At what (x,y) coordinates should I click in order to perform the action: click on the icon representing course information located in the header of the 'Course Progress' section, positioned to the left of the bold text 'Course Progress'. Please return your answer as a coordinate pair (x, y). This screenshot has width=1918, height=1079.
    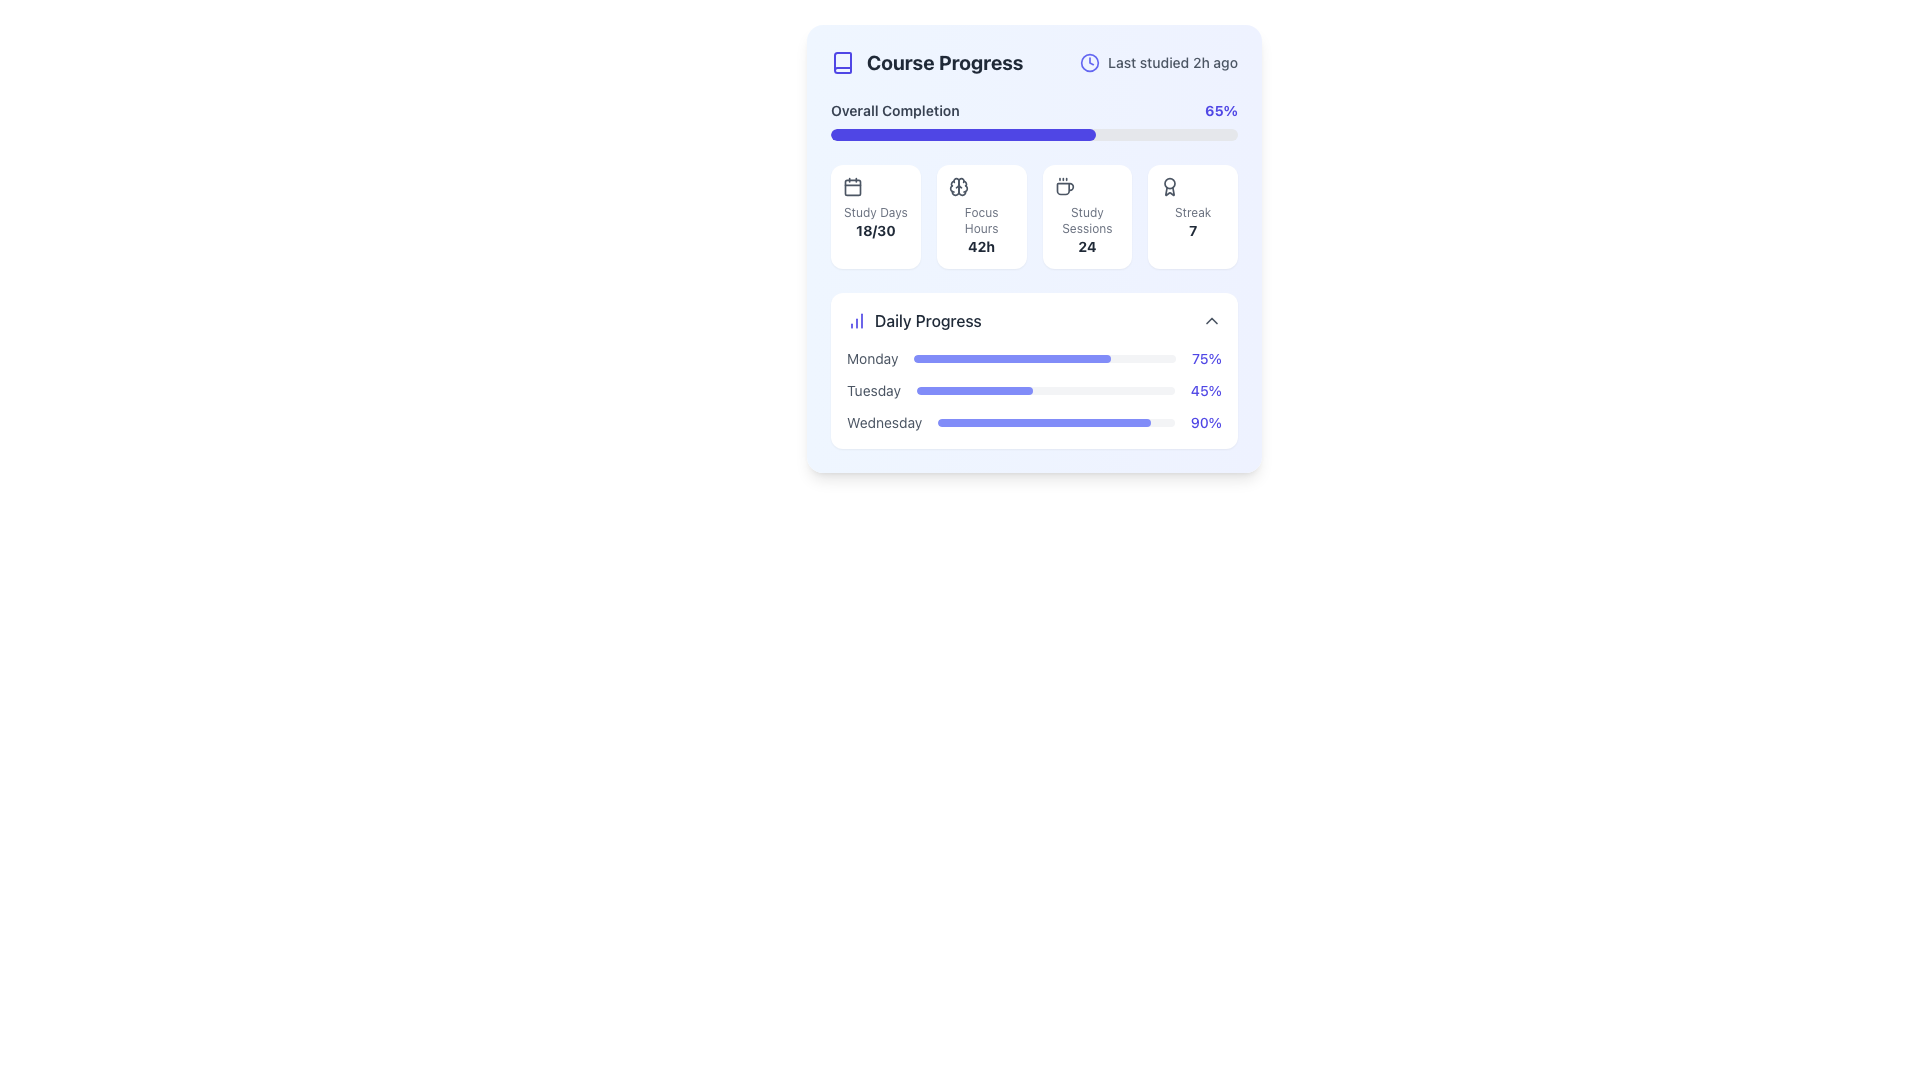
    Looking at the image, I should click on (843, 61).